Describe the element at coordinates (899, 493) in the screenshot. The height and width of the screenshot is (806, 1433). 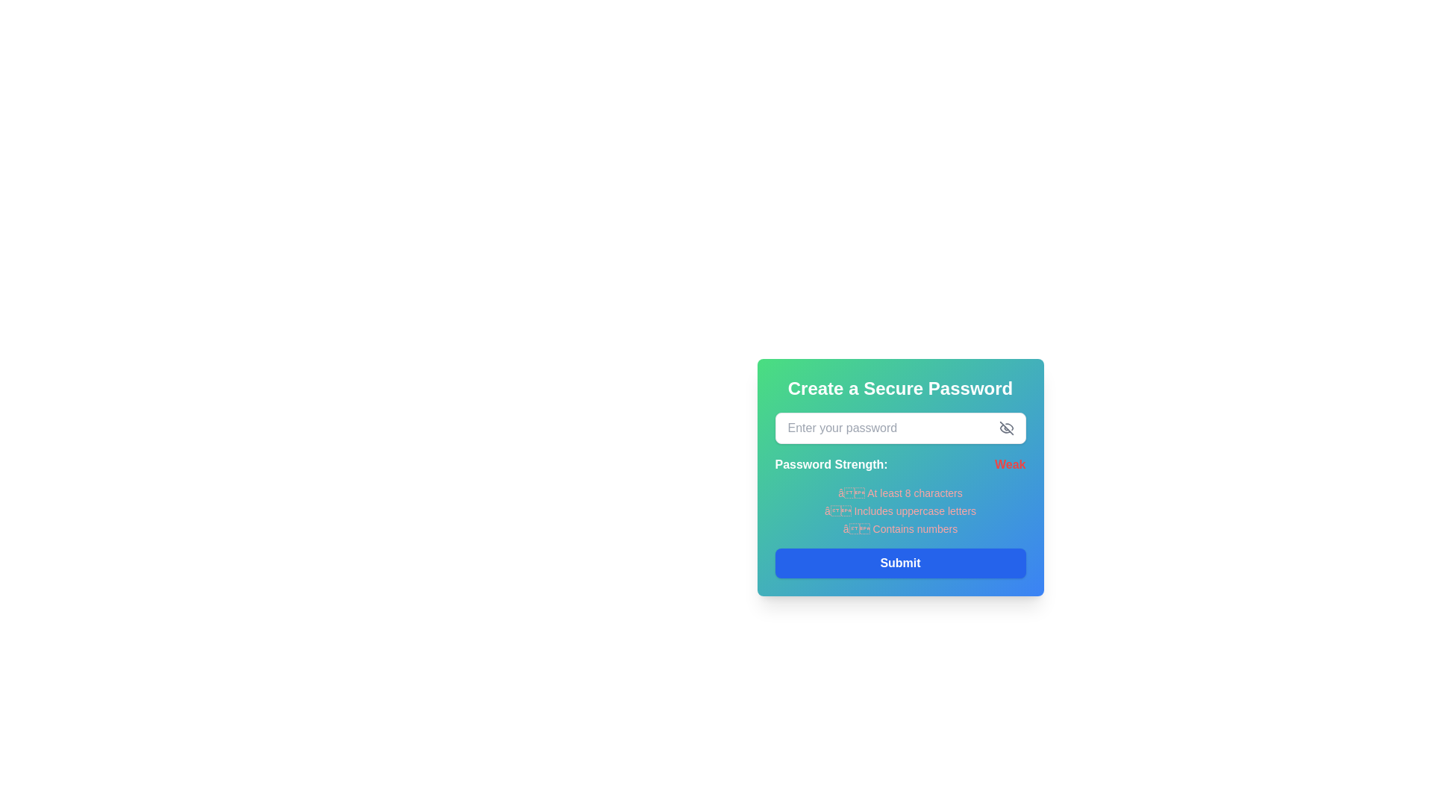
I see `the informational text label displaying '✗ At least 8 characters' styled in red font color, located under the 'Password Strength' heading` at that location.